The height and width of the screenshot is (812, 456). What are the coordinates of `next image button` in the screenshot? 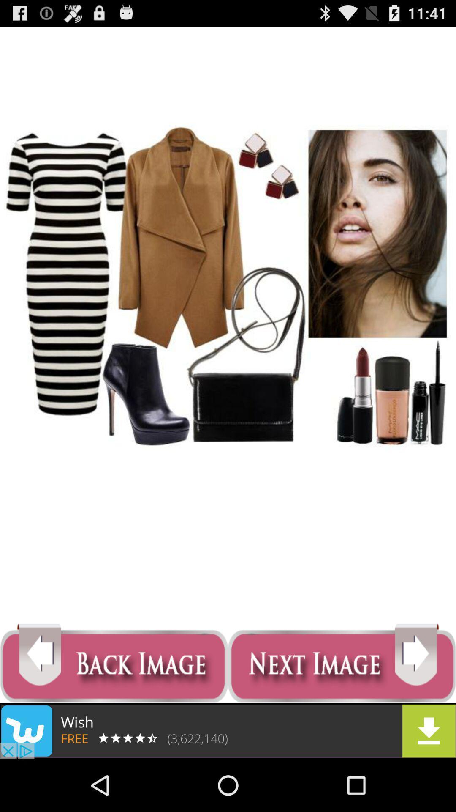 It's located at (342, 663).